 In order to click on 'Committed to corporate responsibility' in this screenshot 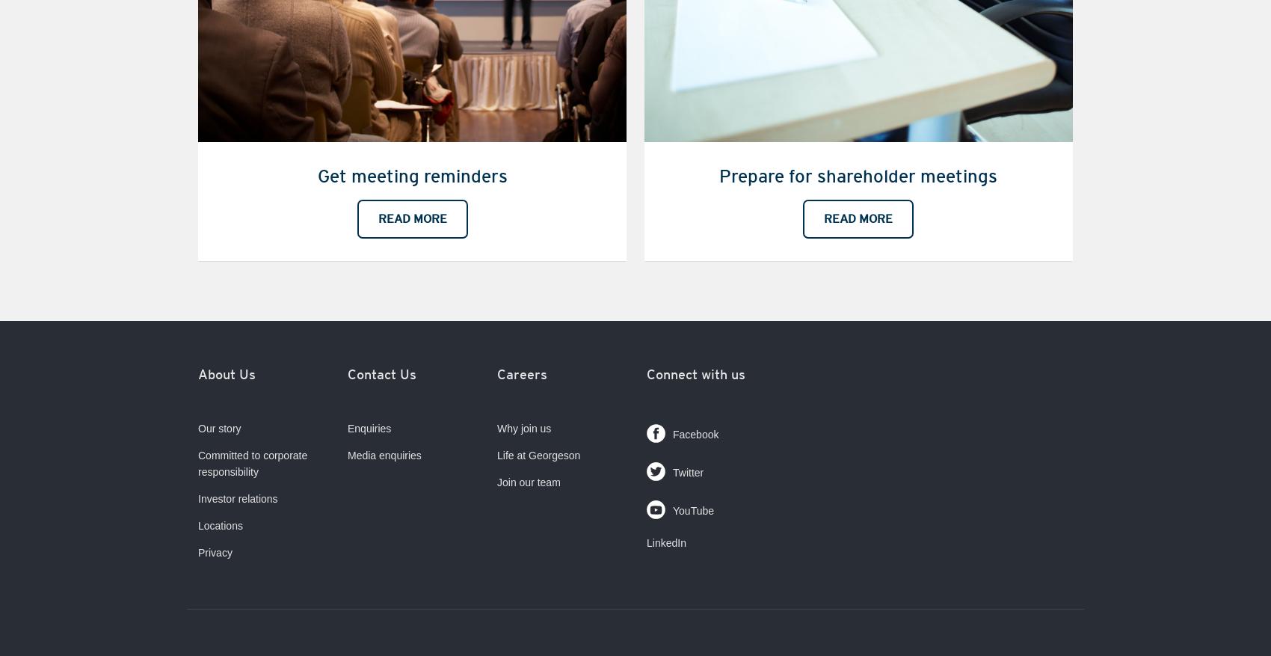, I will do `click(251, 463)`.